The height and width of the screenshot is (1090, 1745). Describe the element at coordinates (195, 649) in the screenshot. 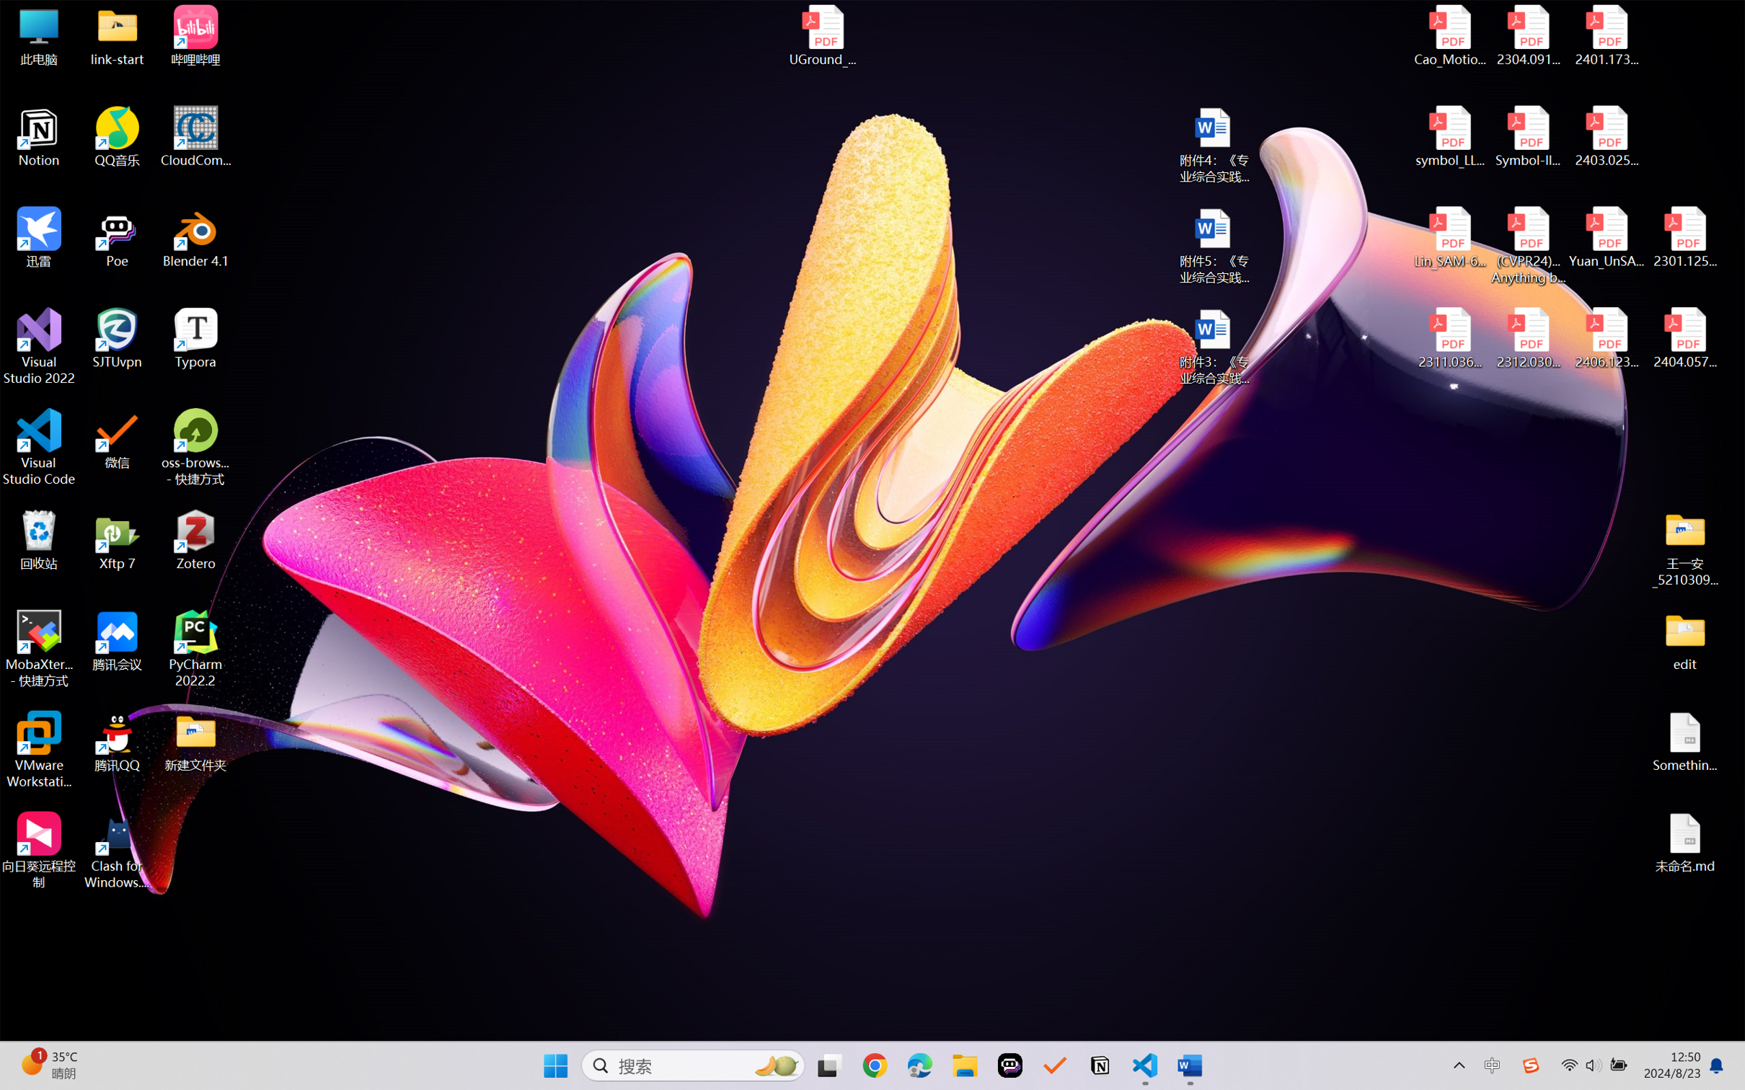

I see `'PyCharm 2022.2'` at that location.